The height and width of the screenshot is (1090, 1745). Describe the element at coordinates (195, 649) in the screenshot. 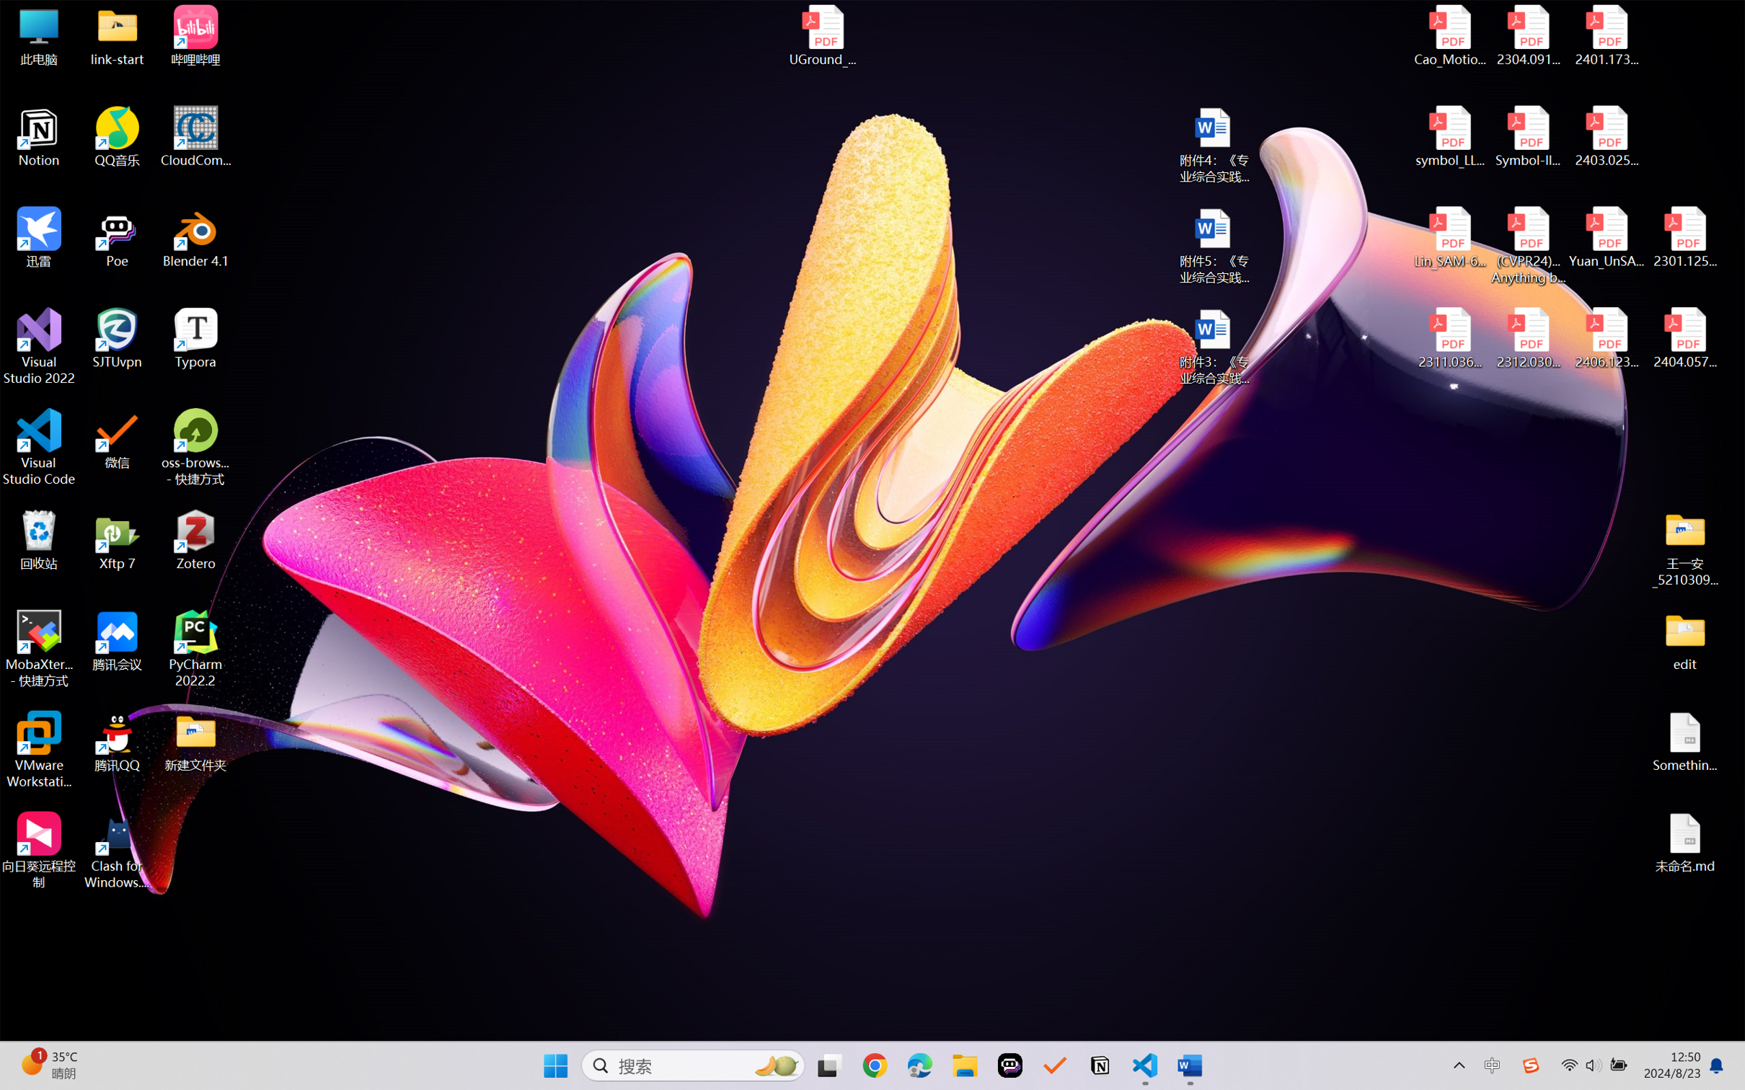

I see `'PyCharm 2022.2'` at that location.